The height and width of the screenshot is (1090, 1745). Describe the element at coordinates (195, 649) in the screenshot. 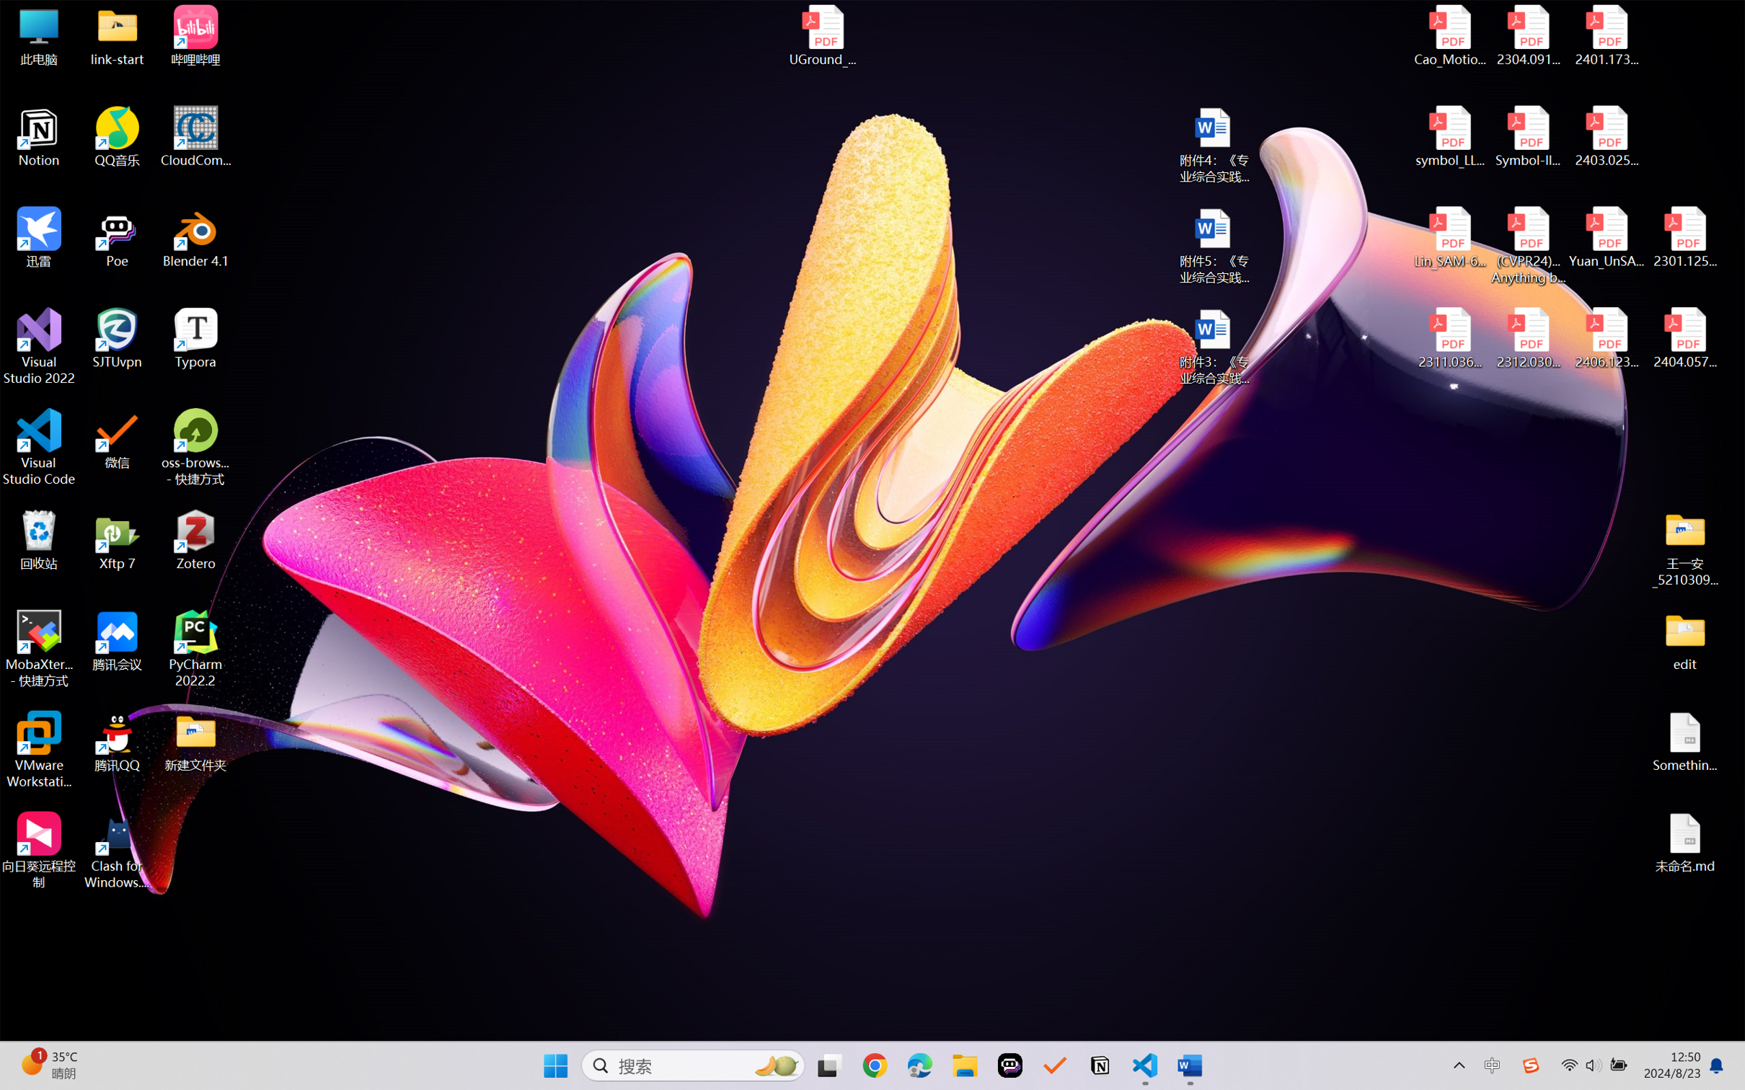

I see `'PyCharm 2022.2'` at that location.